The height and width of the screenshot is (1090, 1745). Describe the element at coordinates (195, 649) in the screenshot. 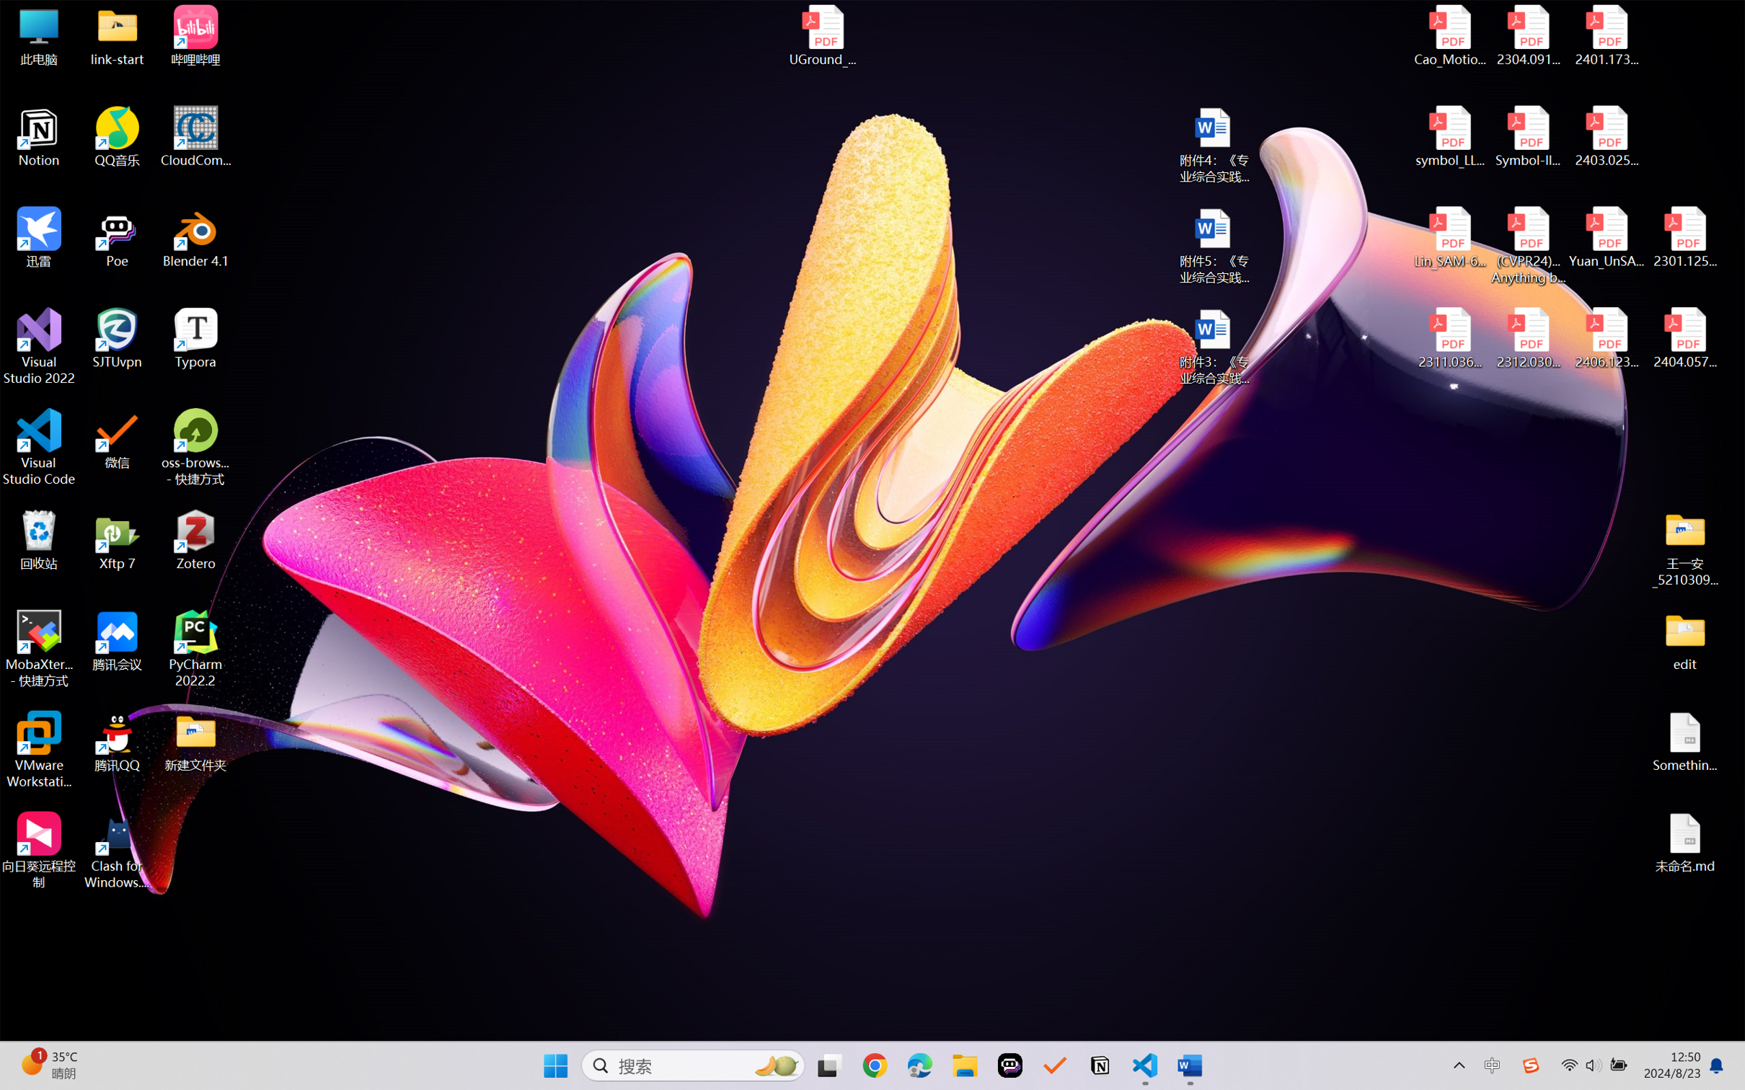

I see `'PyCharm 2022.2'` at that location.